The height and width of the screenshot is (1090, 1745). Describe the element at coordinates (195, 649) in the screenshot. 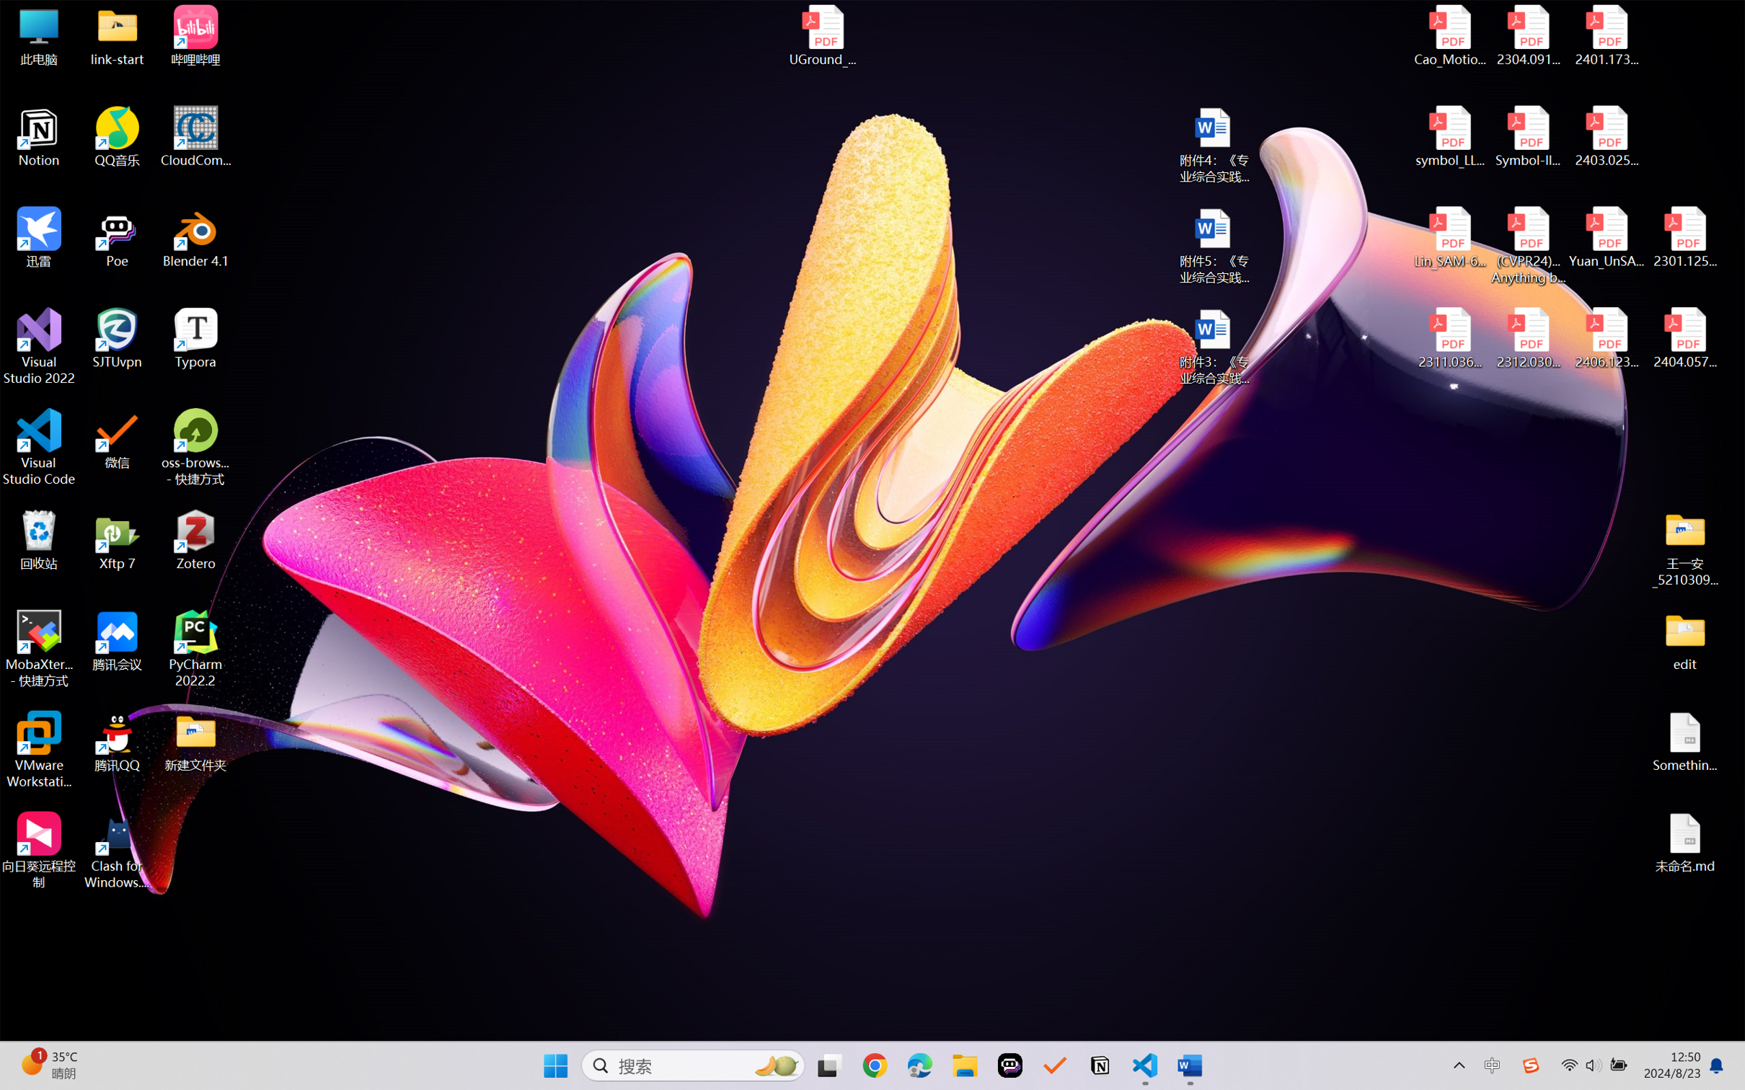

I see `'PyCharm 2022.2'` at that location.